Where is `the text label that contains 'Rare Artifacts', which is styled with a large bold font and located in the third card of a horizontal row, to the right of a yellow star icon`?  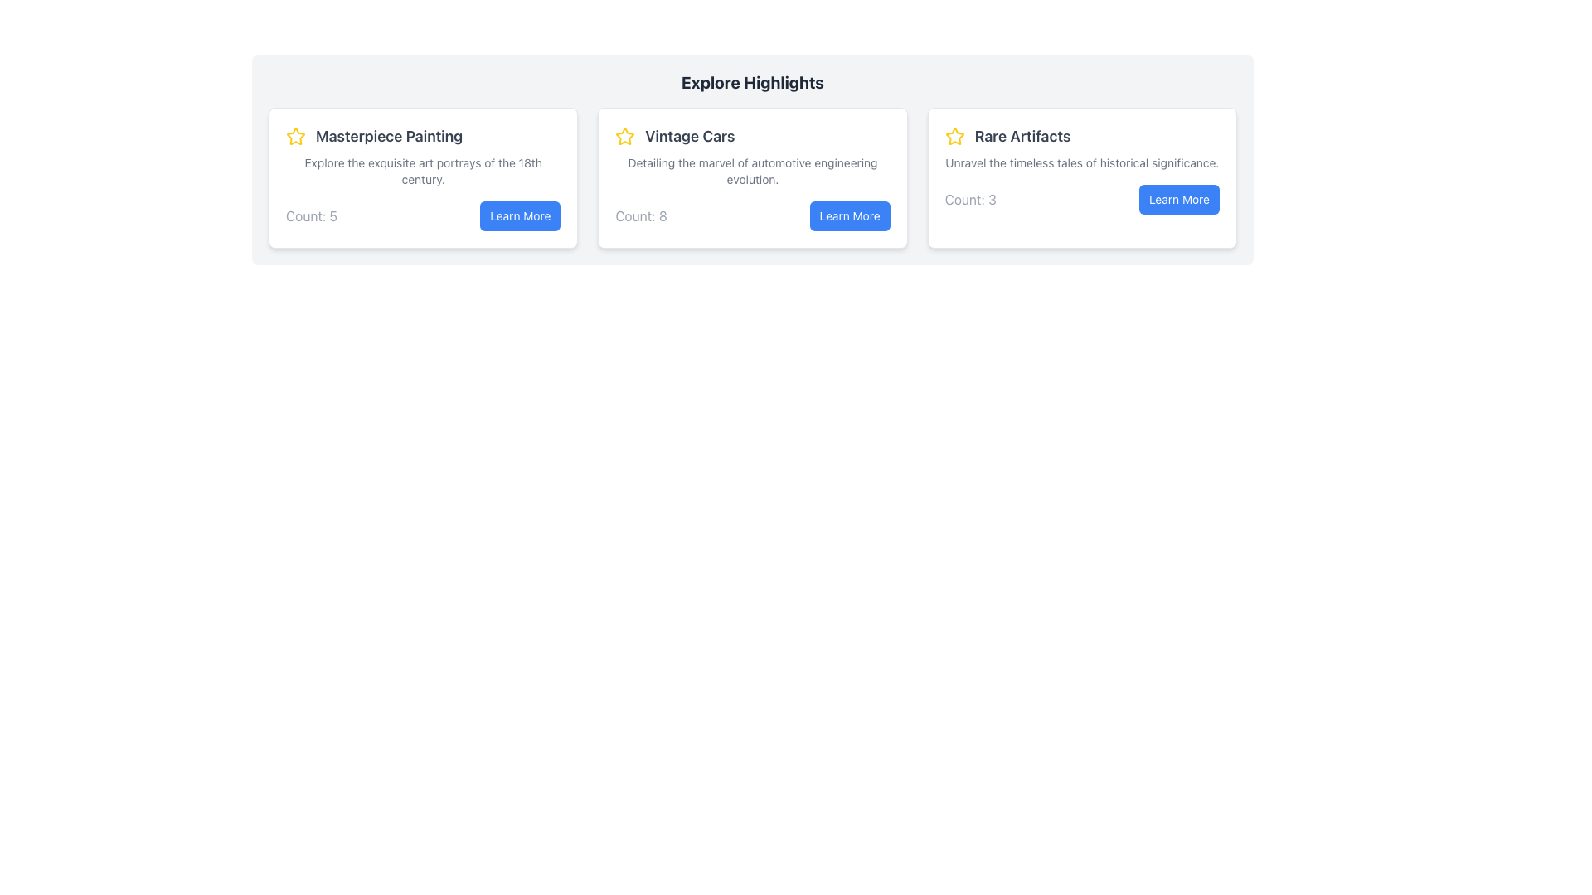
the text label that contains 'Rare Artifacts', which is styled with a large bold font and located in the third card of a horizontal row, to the right of a yellow star icon is located at coordinates (1022, 136).